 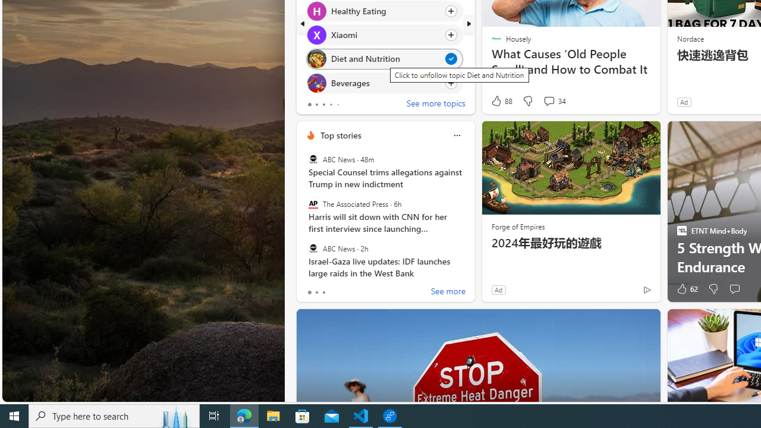 What do you see at coordinates (554, 100) in the screenshot?
I see `'View comments 34 Comment'` at bounding box center [554, 100].